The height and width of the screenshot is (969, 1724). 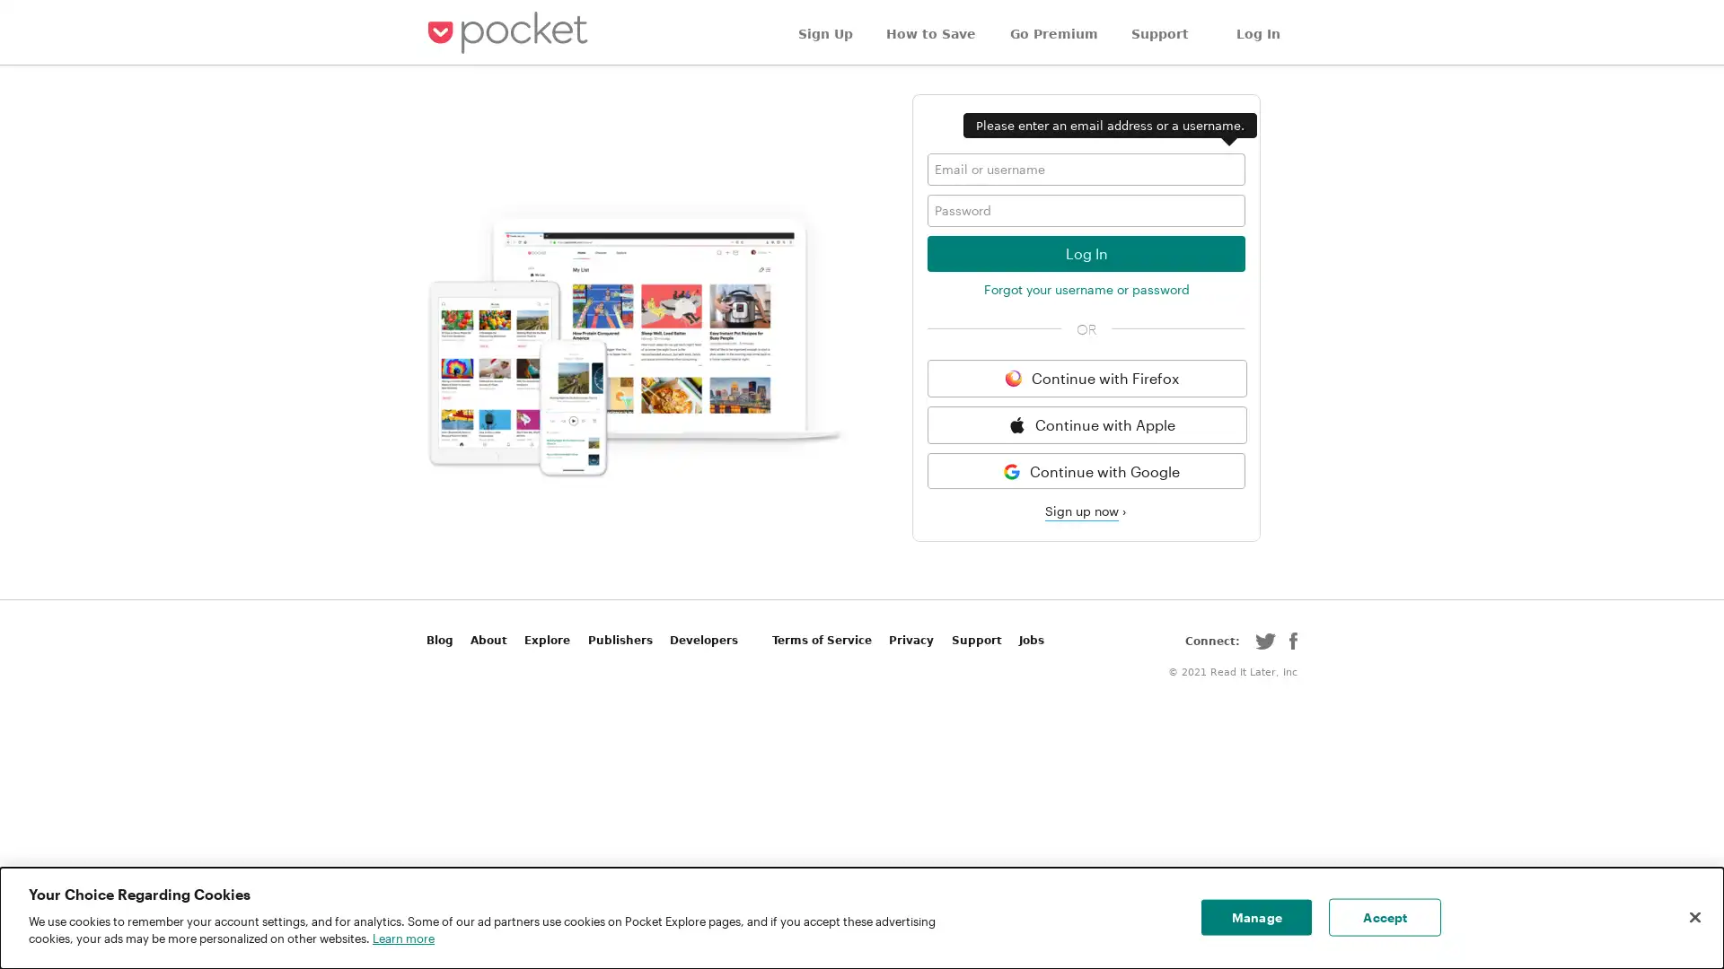 I want to click on Sign in with Apple, so click(x=1086, y=424).